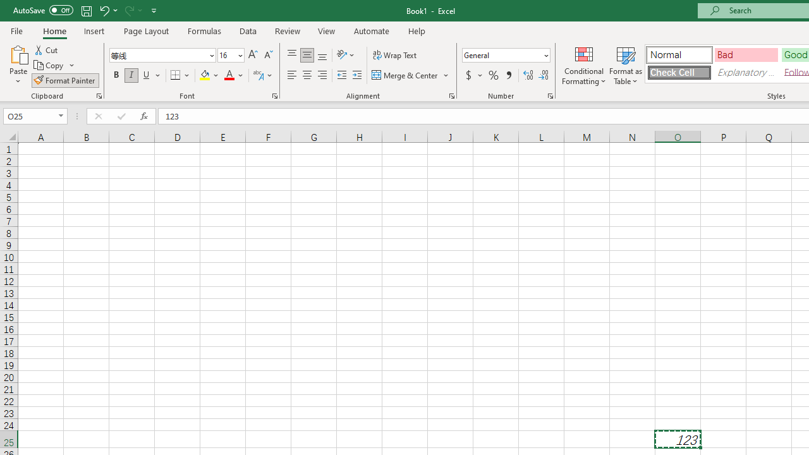 This screenshot has height=455, width=809. Describe the element at coordinates (180, 75) in the screenshot. I see `'Borders'` at that location.